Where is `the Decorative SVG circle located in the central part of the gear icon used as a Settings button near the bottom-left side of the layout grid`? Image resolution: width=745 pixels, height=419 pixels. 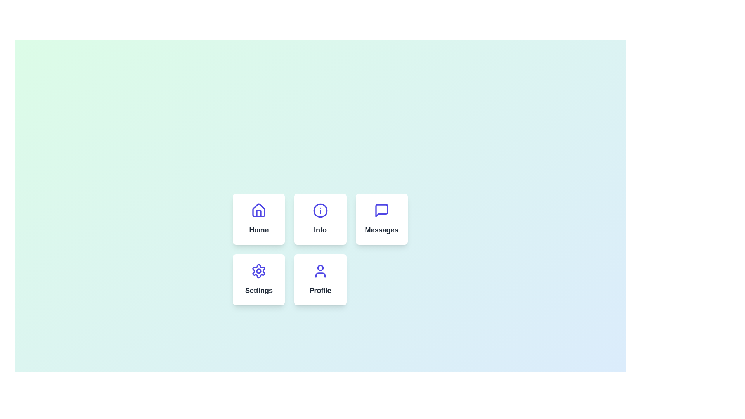 the Decorative SVG circle located in the central part of the gear icon used as a Settings button near the bottom-left side of the layout grid is located at coordinates (259, 270).